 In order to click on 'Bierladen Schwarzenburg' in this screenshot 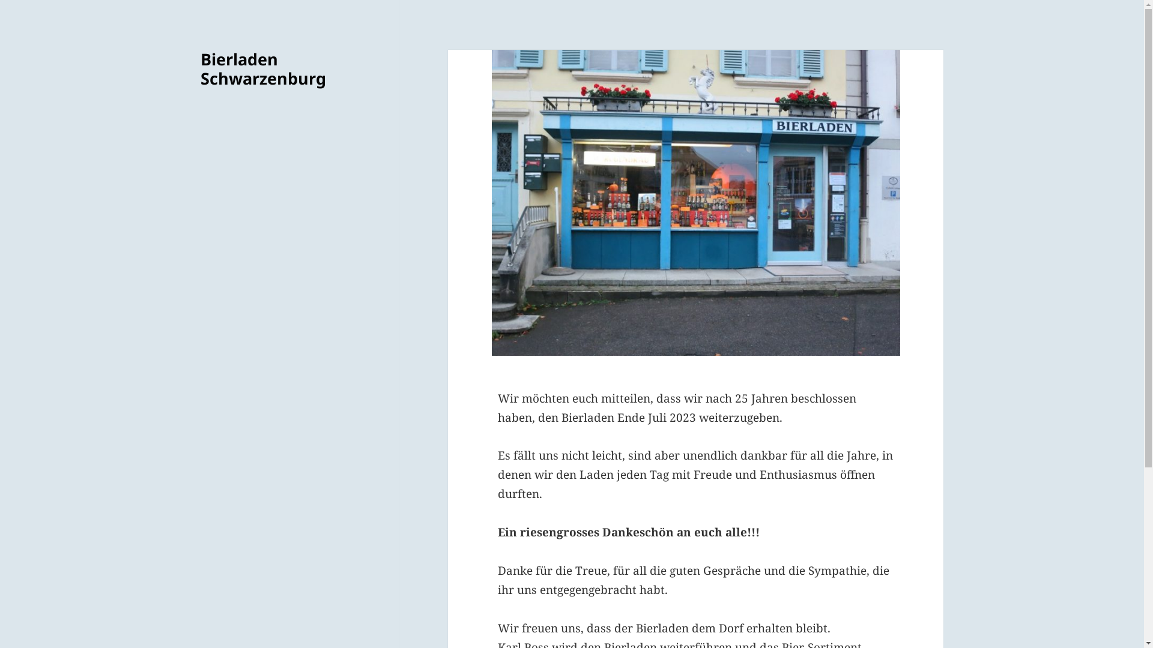, I will do `click(262, 68)`.